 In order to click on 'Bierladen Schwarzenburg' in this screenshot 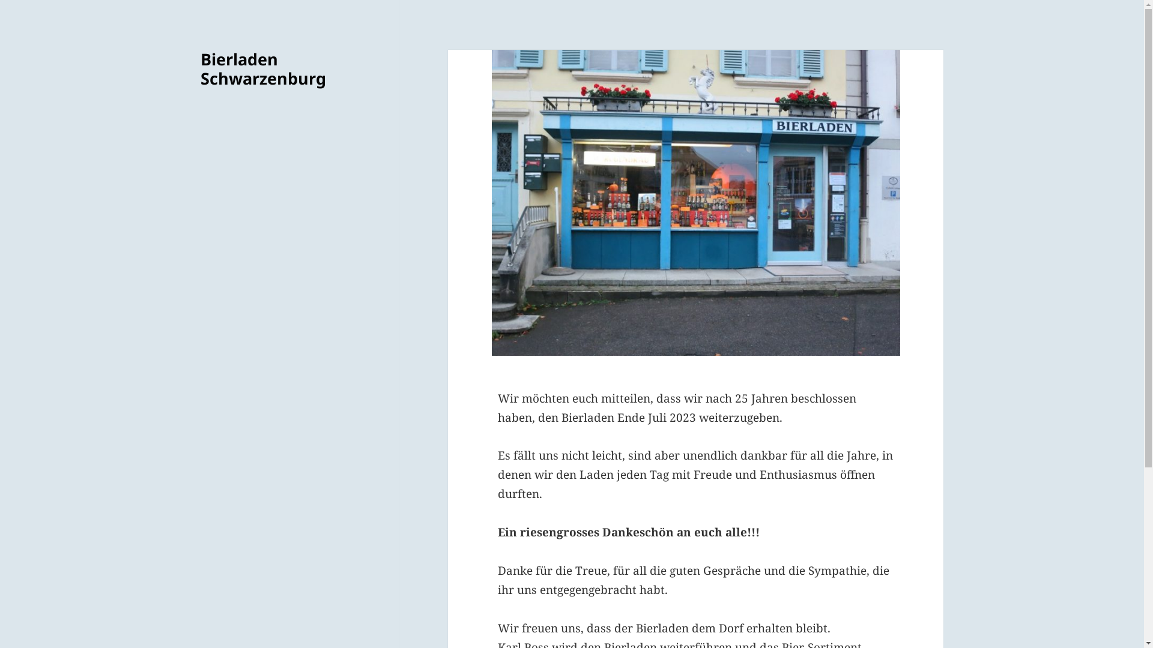, I will do `click(262, 68)`.